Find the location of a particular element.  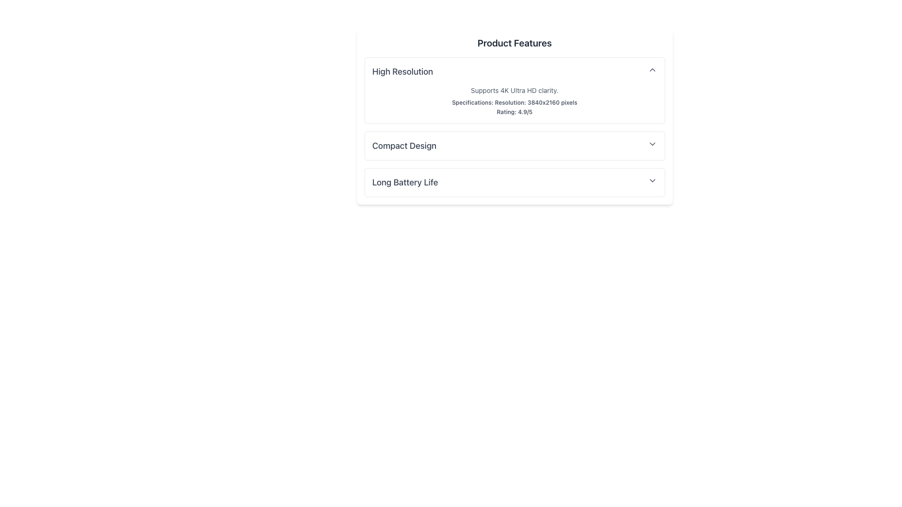

the interactive expandable or collapsible list item for 'Compact Design' located in the center section of the list under 'Product Features' is located at coordinates (514, 146).